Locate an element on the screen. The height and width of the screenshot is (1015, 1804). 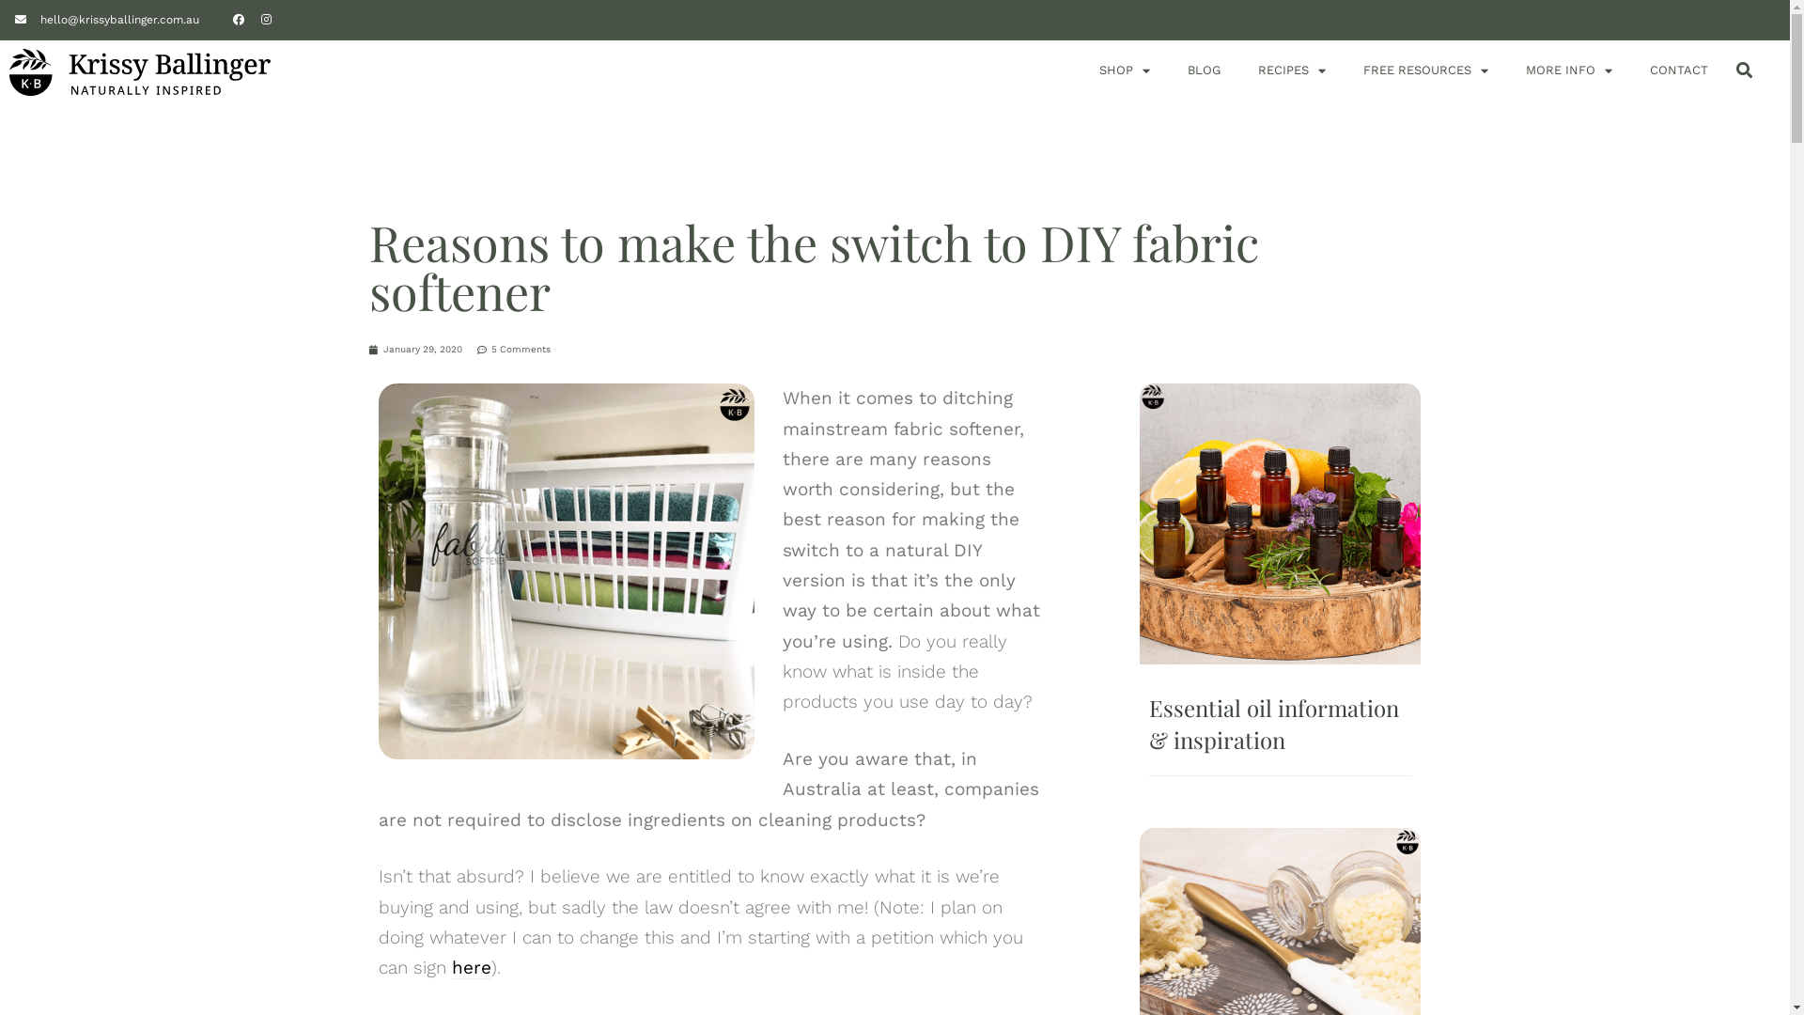
'5 Comments' is located at coordinates (514, 349).